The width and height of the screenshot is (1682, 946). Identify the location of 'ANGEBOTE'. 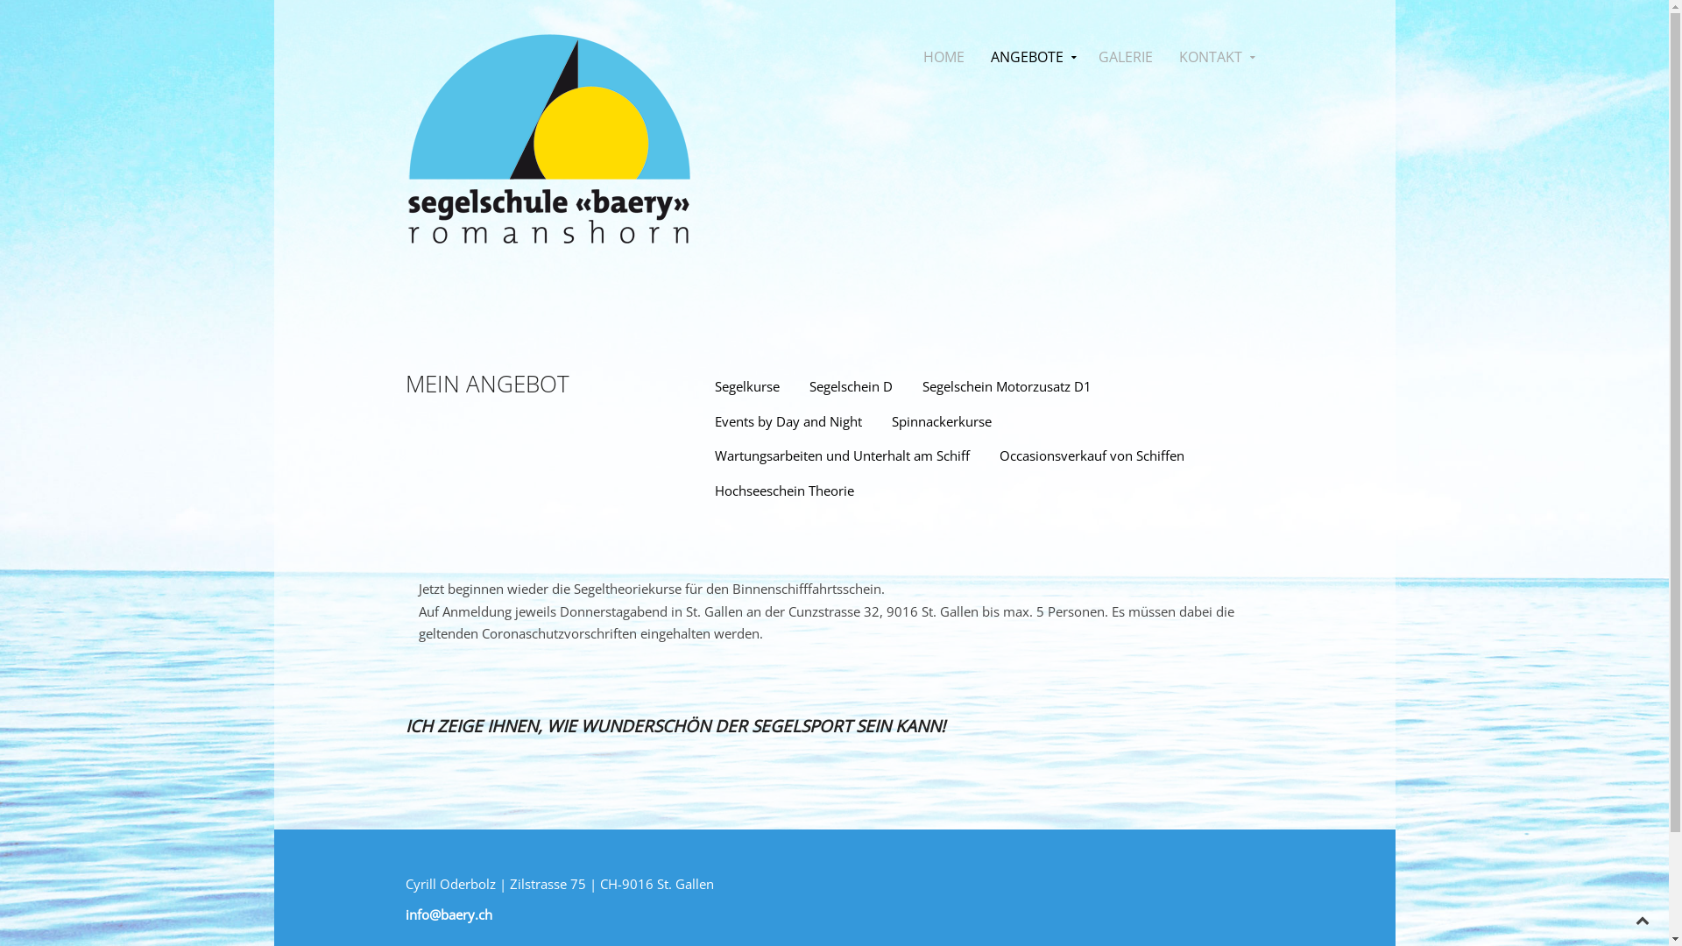
(1031, 56).